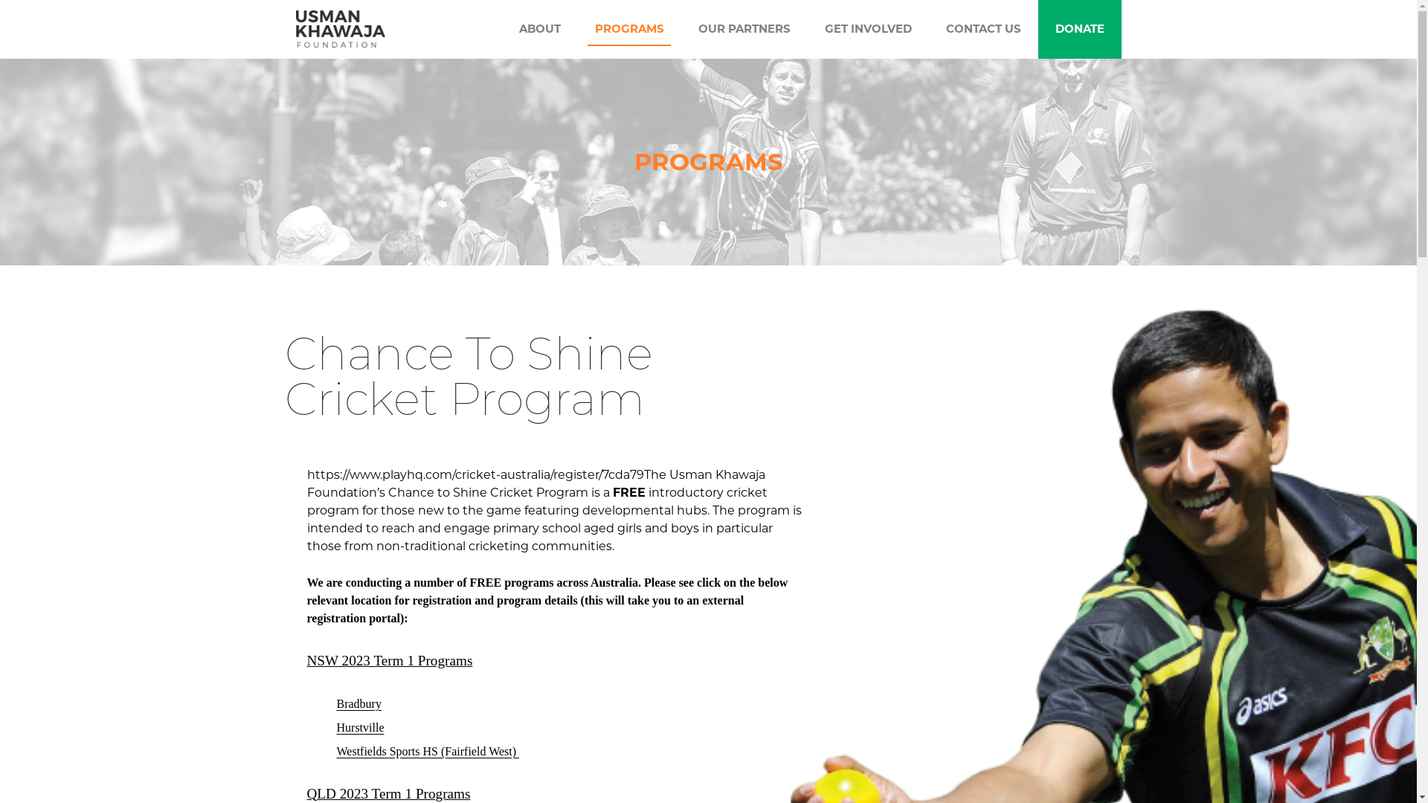  I want to click on 'ABOUT', so click(538, 29).